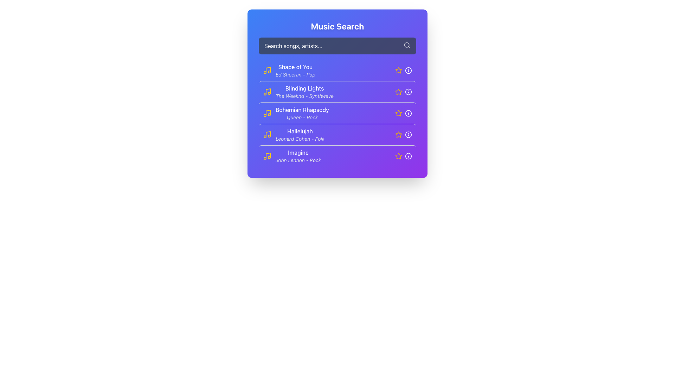  What do you see at coordinates (398, 70) in the screenshot?
I see `the star-shaped icon with a yellow outline located to the right of the 'Shape of You' song entry to mark it as a favorite` at bounding box center [398, 70].